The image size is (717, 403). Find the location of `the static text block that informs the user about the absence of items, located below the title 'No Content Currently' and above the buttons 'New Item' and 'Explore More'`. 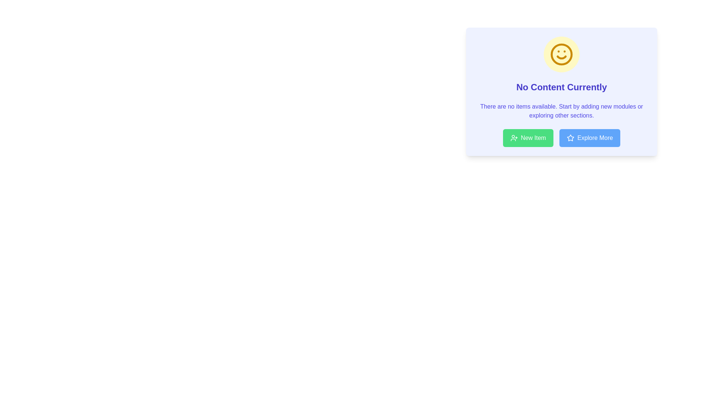

the static text block that informs the user about the absence of items, located below the title 'No Content Currently' and above the buttons 'New Item' and 'Explore More' is located at coordinates (561, 111).